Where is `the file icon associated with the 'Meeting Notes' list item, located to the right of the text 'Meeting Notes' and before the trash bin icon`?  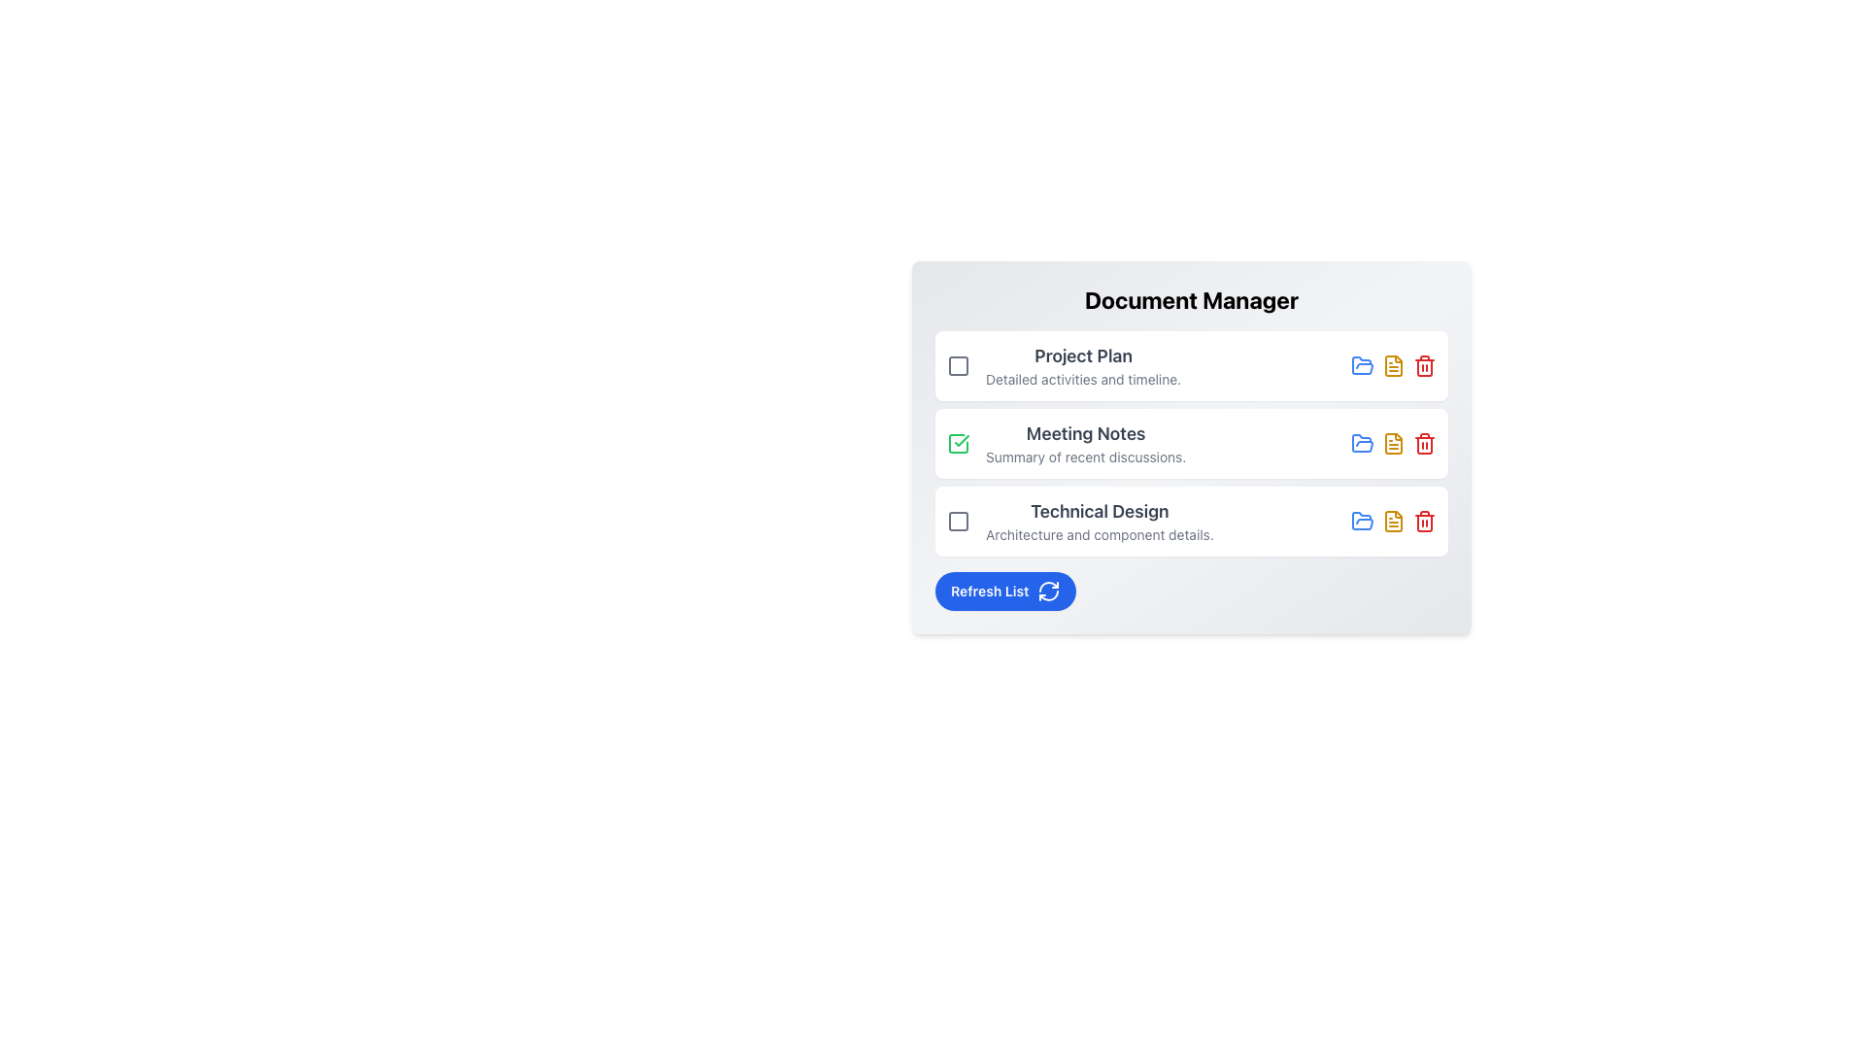
the file icon associated with the 'Meeting Notes' list item, located to the right of the text 'Meeting Notes' and before the trash bin icon is located at coordinates (1393, 443).